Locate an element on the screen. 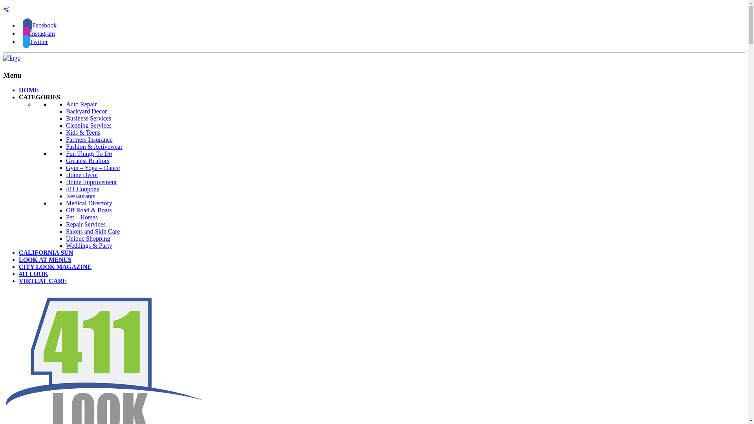  'Twitter' is located at coordinates (35, 42).